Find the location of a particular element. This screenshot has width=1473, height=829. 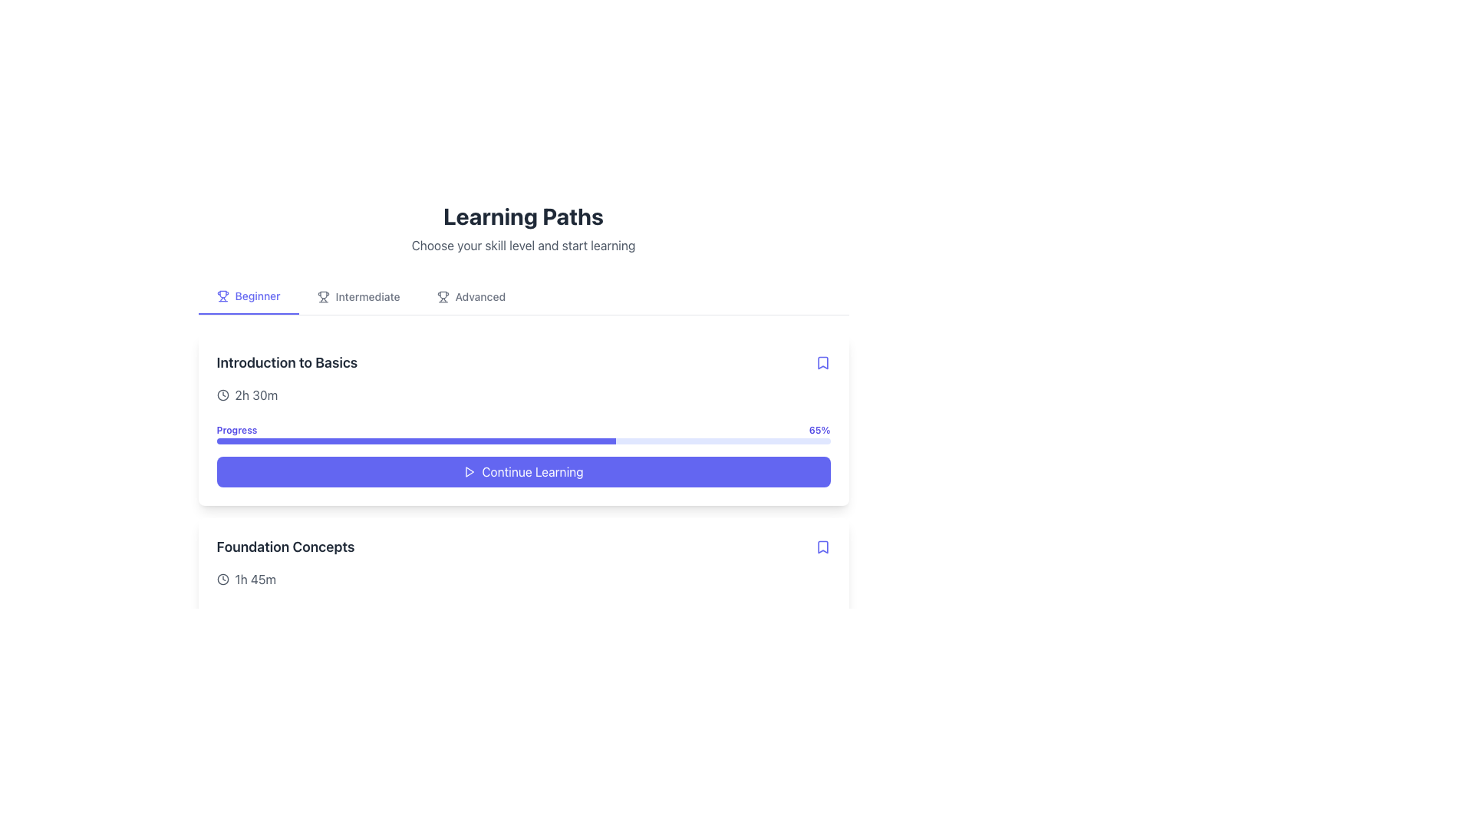

the SVG Circle element that represents a clock structure, located above the 'Foundation Concepts' section is located at coordinates (222, 395).